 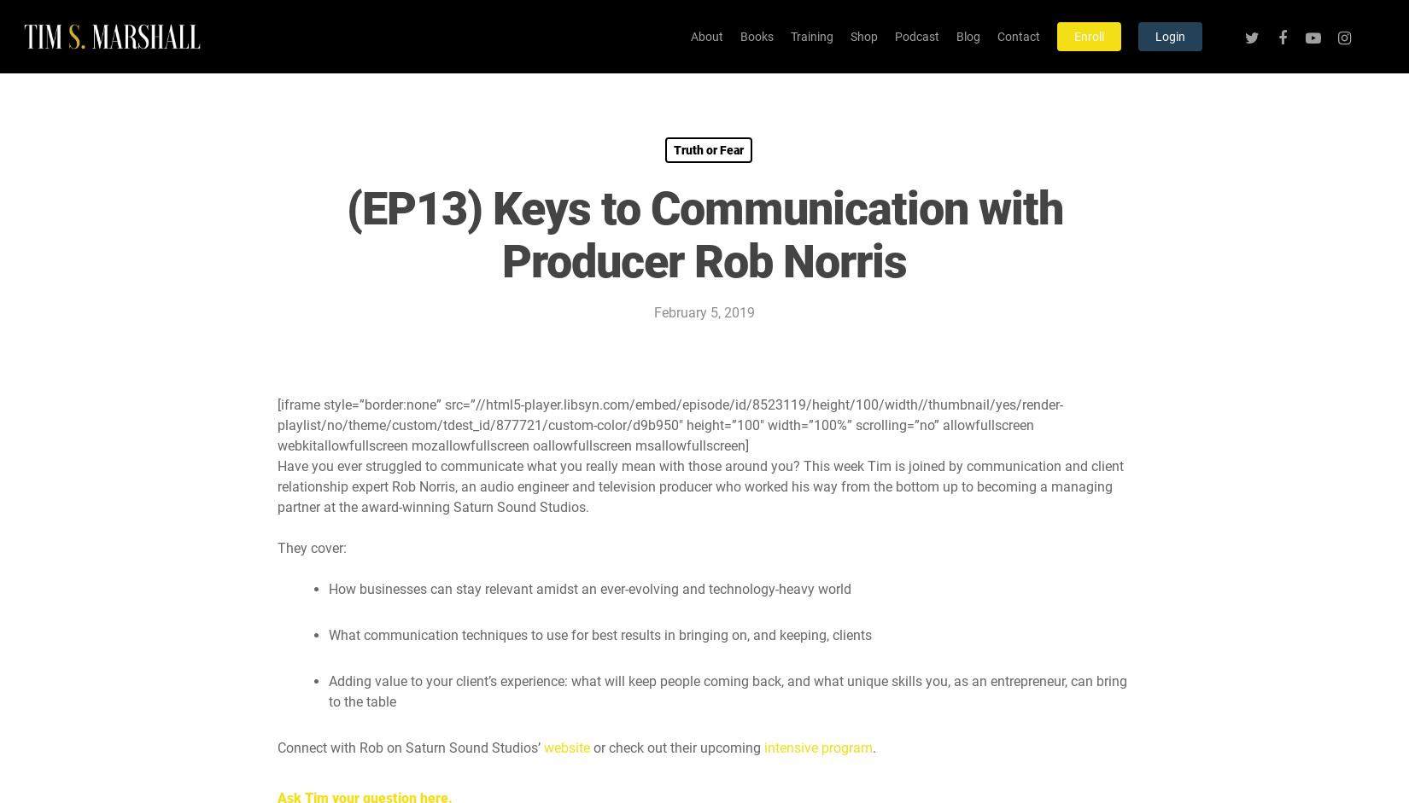 I want to click on 'Adding value to your client’s experience: what will keep people coming back, and what unique skills you, as an entrepreneur, can bring to the table', so click(x=728, y=691).